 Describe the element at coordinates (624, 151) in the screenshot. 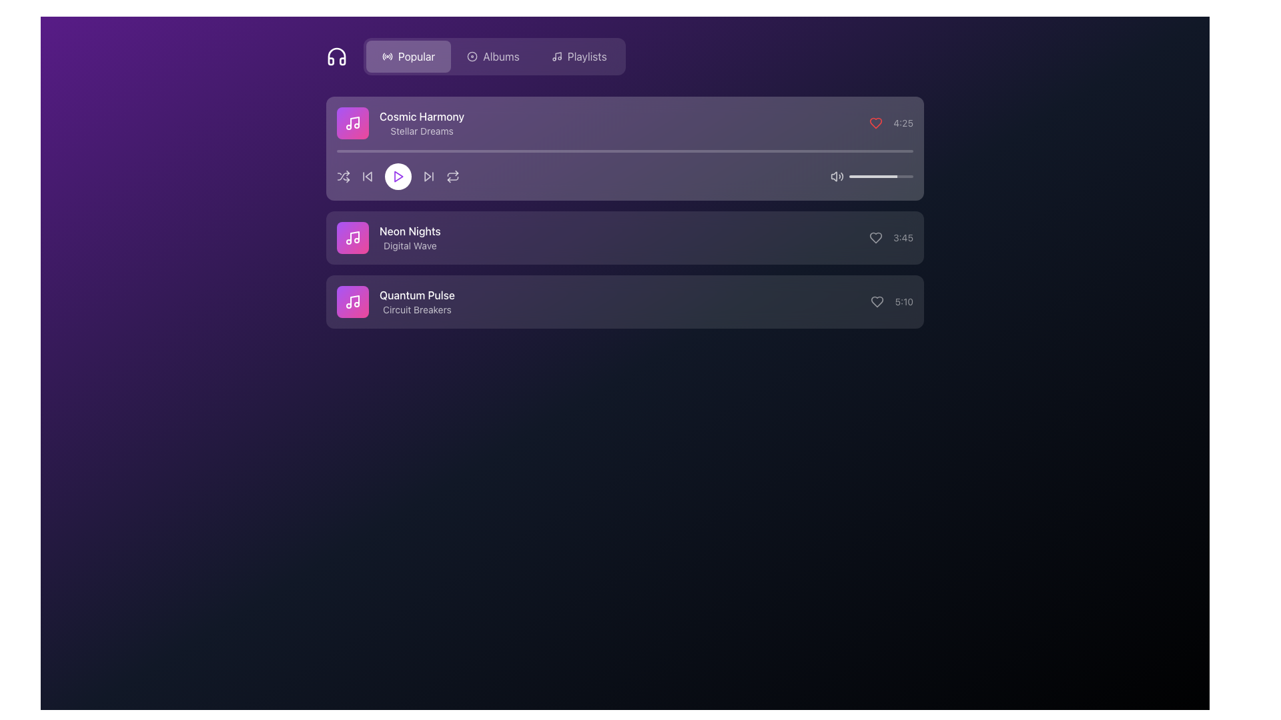

I see `the thin horizontal progress bar with a white background and rounded edges, located below the 'Cosmic Harmony' song title and above the track controls` at that location.